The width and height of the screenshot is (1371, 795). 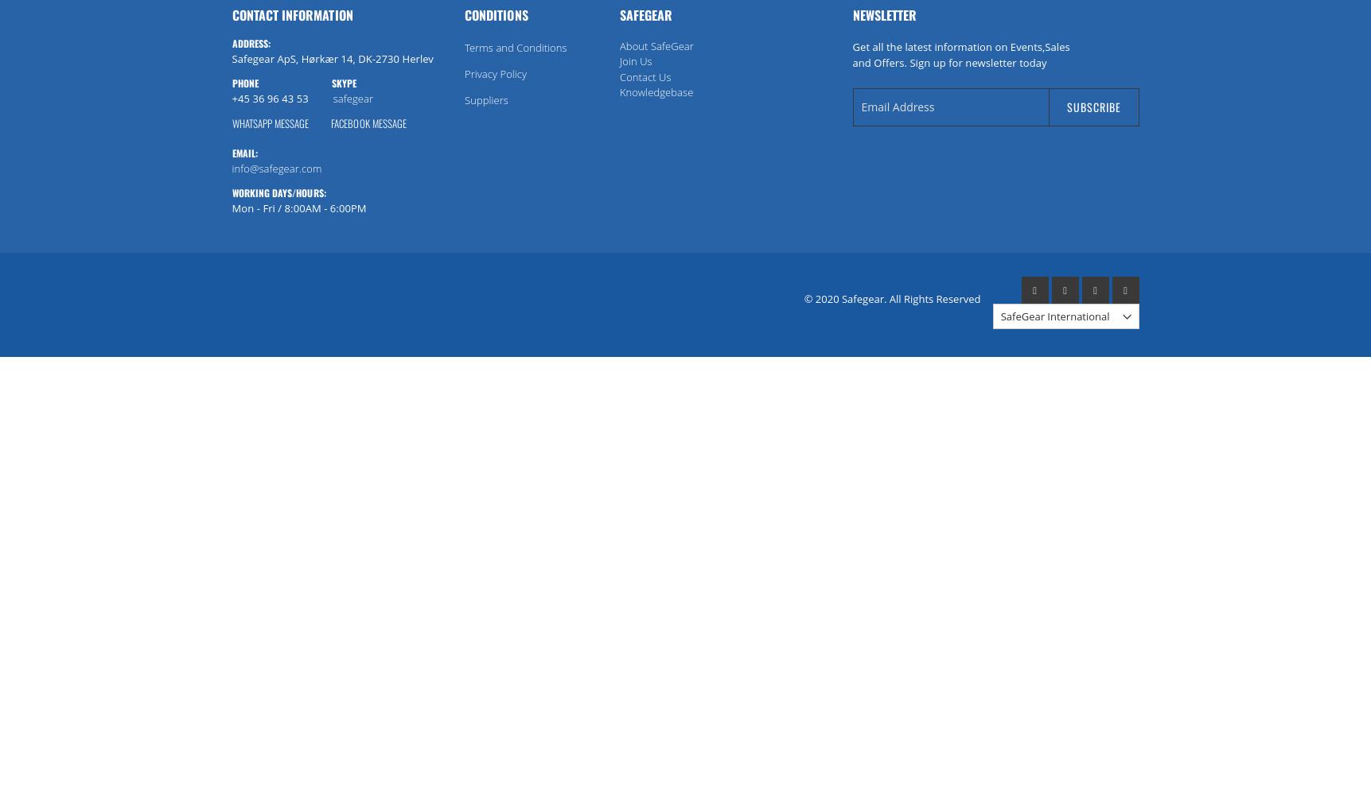 What do you see at coordinates (232, 122) in the screenshot?
I see `'Whatsapp message'` at bounding box center [232, 122].